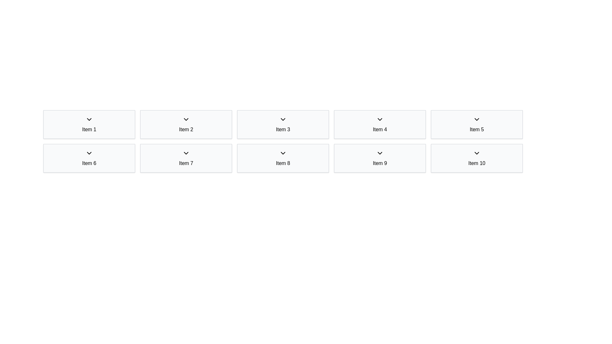 The width and height of the screenshot is (612, 344). What do you see at coordinates (89, 158) in the screenshot?
I see `the selectable or expandable Card related to 'Item 6', located in the second row and first column of the grid layout` at bounding box center [89, 158].